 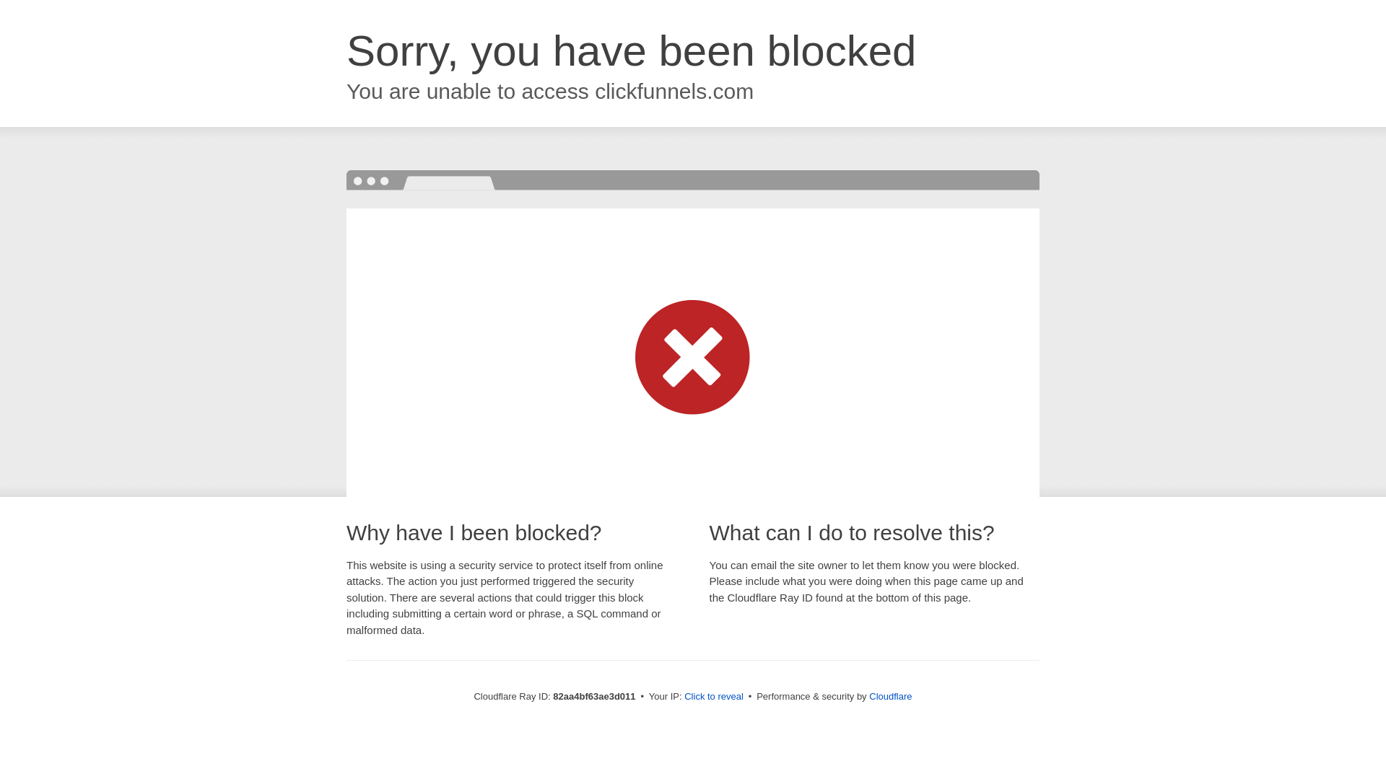 What do you see at coordinates (868, 695) in the screenshot?
I see `'Cloudflare'` at bounding box center [868, 695].